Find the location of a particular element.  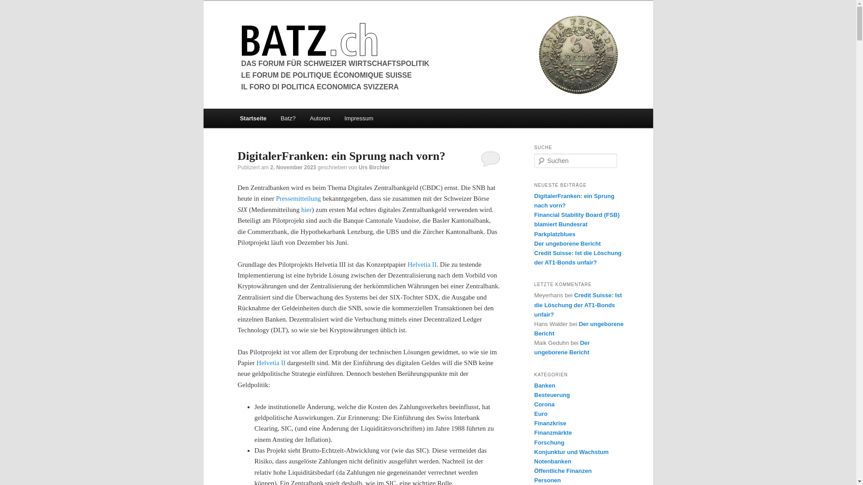

'Der ungeborene Bericht' is located at coordinates (567, 243).